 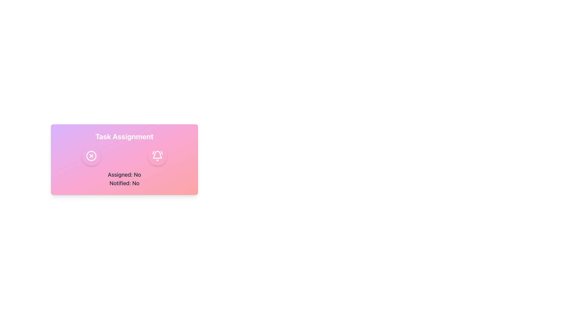 What do you see at coordinates (124, 183) in the screenshot?
I see `the informational text label indicating the notification status, which currently shows 'No', located below the 'Assigned: No' text within the 'Task Assignment' card` at bounding box center [124, 183].